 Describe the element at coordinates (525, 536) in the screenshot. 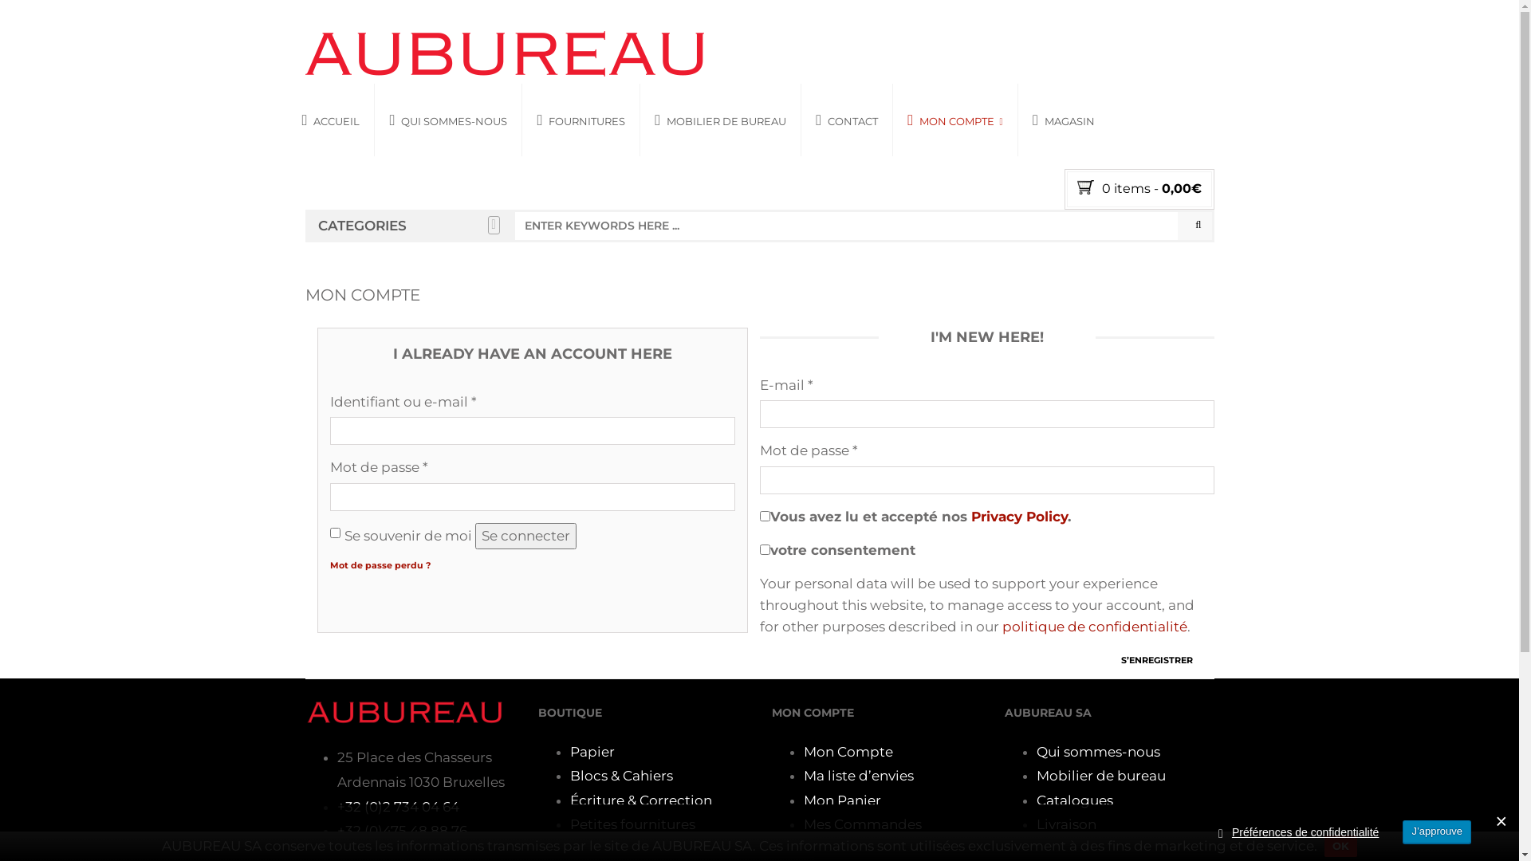

I see `'Se connecter'` at that location.